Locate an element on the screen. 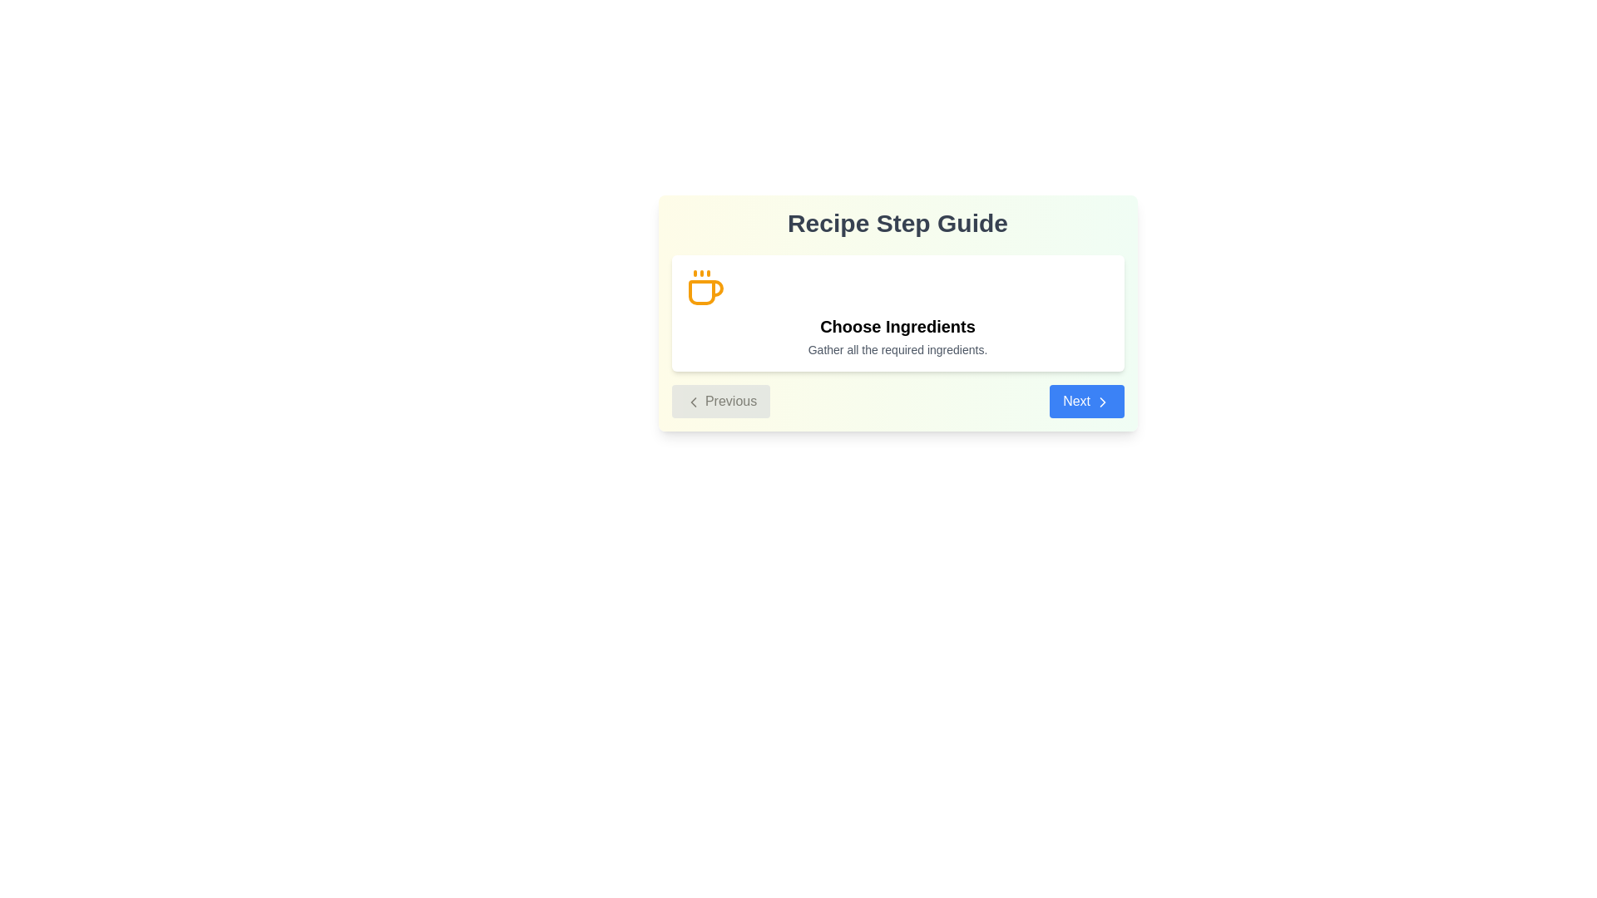 The width and height of the screenshot is (1597, 898). the blue 'Next' button located in the lower-right corner of the dialog box under 'Choose Ingredients' to proceed to the next step is located at coordinates (1086, 401).